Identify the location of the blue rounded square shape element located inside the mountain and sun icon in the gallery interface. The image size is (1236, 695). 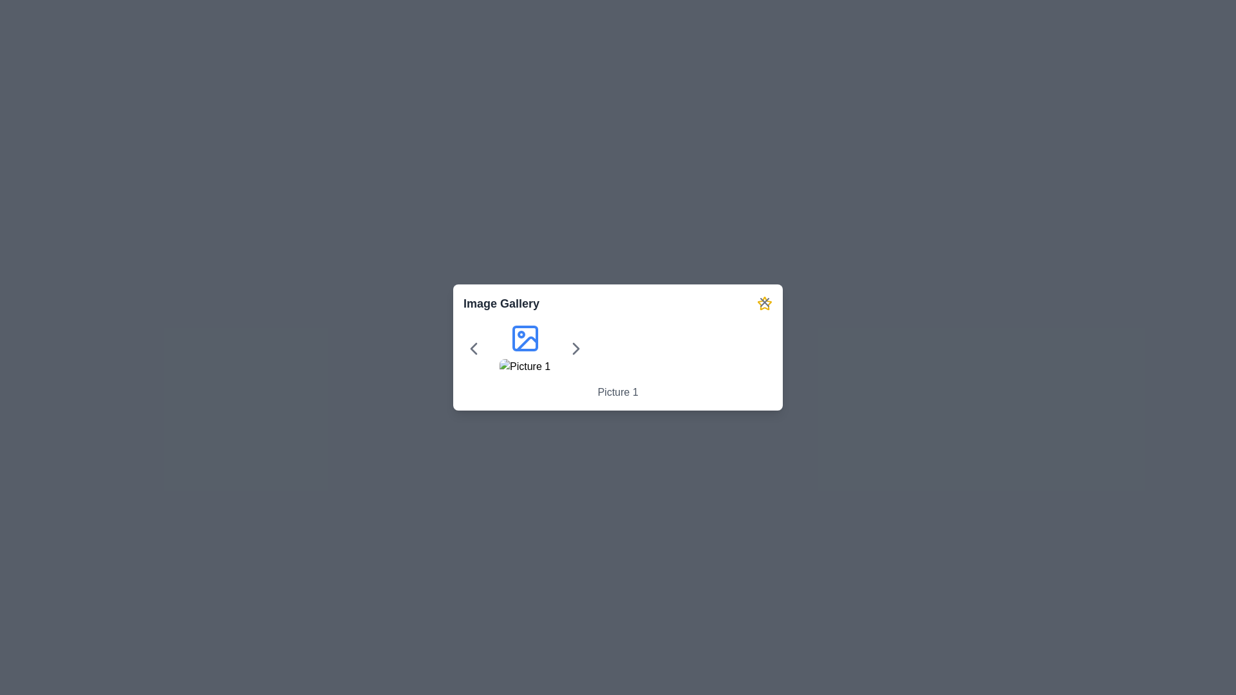
(525, 337).